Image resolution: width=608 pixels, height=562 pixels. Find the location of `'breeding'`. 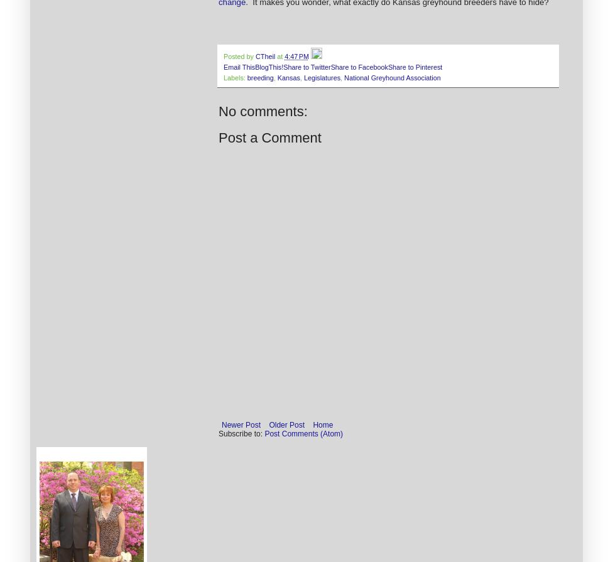

'breeding' is located at coordinates (260, 77).